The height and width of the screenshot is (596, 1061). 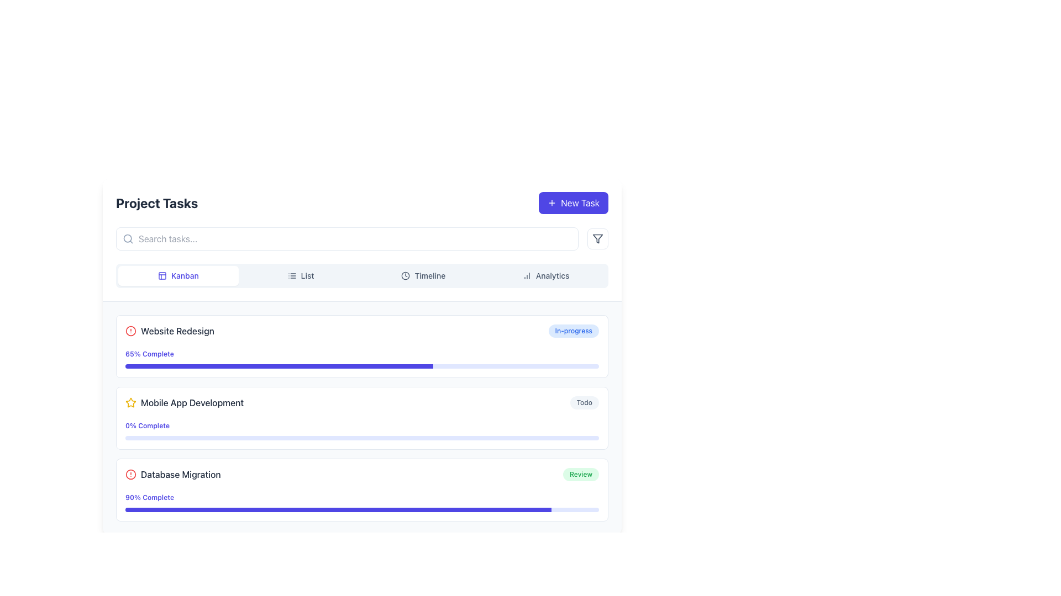 What do you see at coordinates (362, 356) in the screenshot?
I see `the progress bar representing 65% completion of the 'Website Redesign' task to interact with it if functionality exists` at bounding box center [362, 356].